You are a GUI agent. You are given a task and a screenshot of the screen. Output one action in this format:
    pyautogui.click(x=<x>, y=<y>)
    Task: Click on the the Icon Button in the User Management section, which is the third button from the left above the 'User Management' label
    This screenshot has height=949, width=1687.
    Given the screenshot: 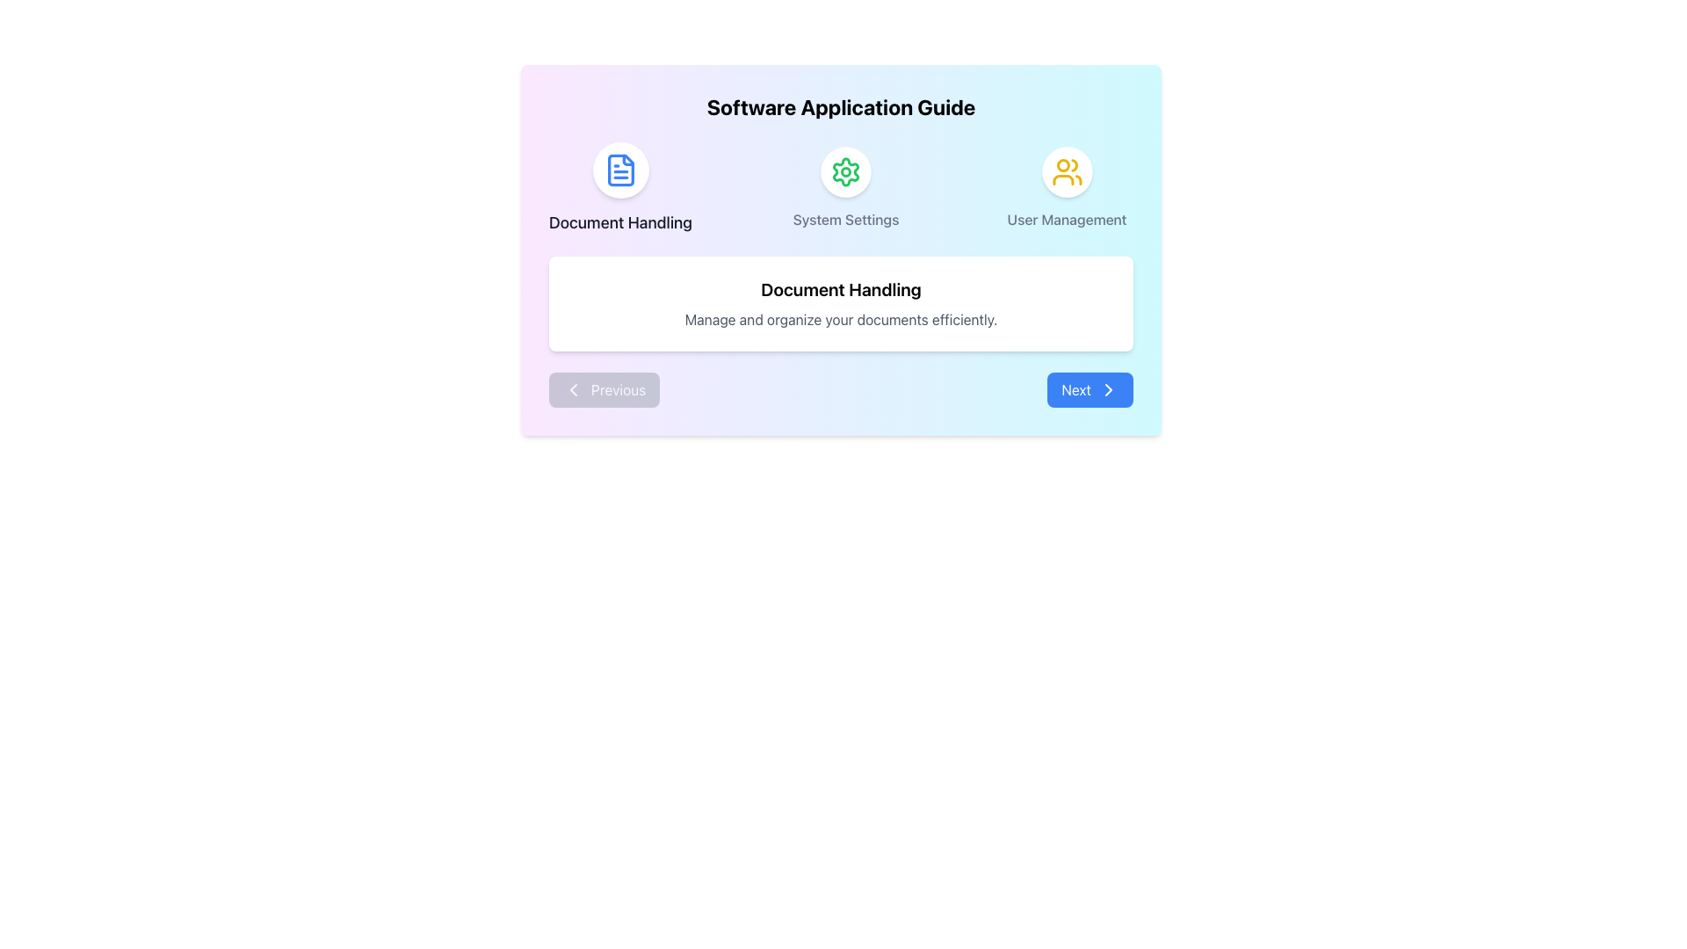 What is the action you would take?
    pyautogui.click(x=1066, y=172)
    